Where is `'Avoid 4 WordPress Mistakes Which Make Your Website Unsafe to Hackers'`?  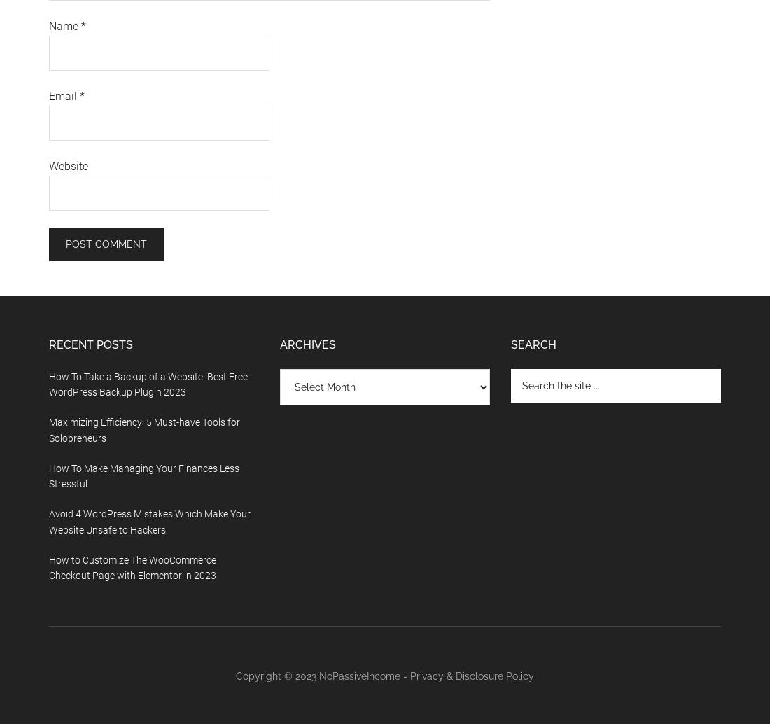 'Avoid 4 WordPress Mistakes Which Make Your Website Unsafe to Hackers' is located at coordinates (48, 521).